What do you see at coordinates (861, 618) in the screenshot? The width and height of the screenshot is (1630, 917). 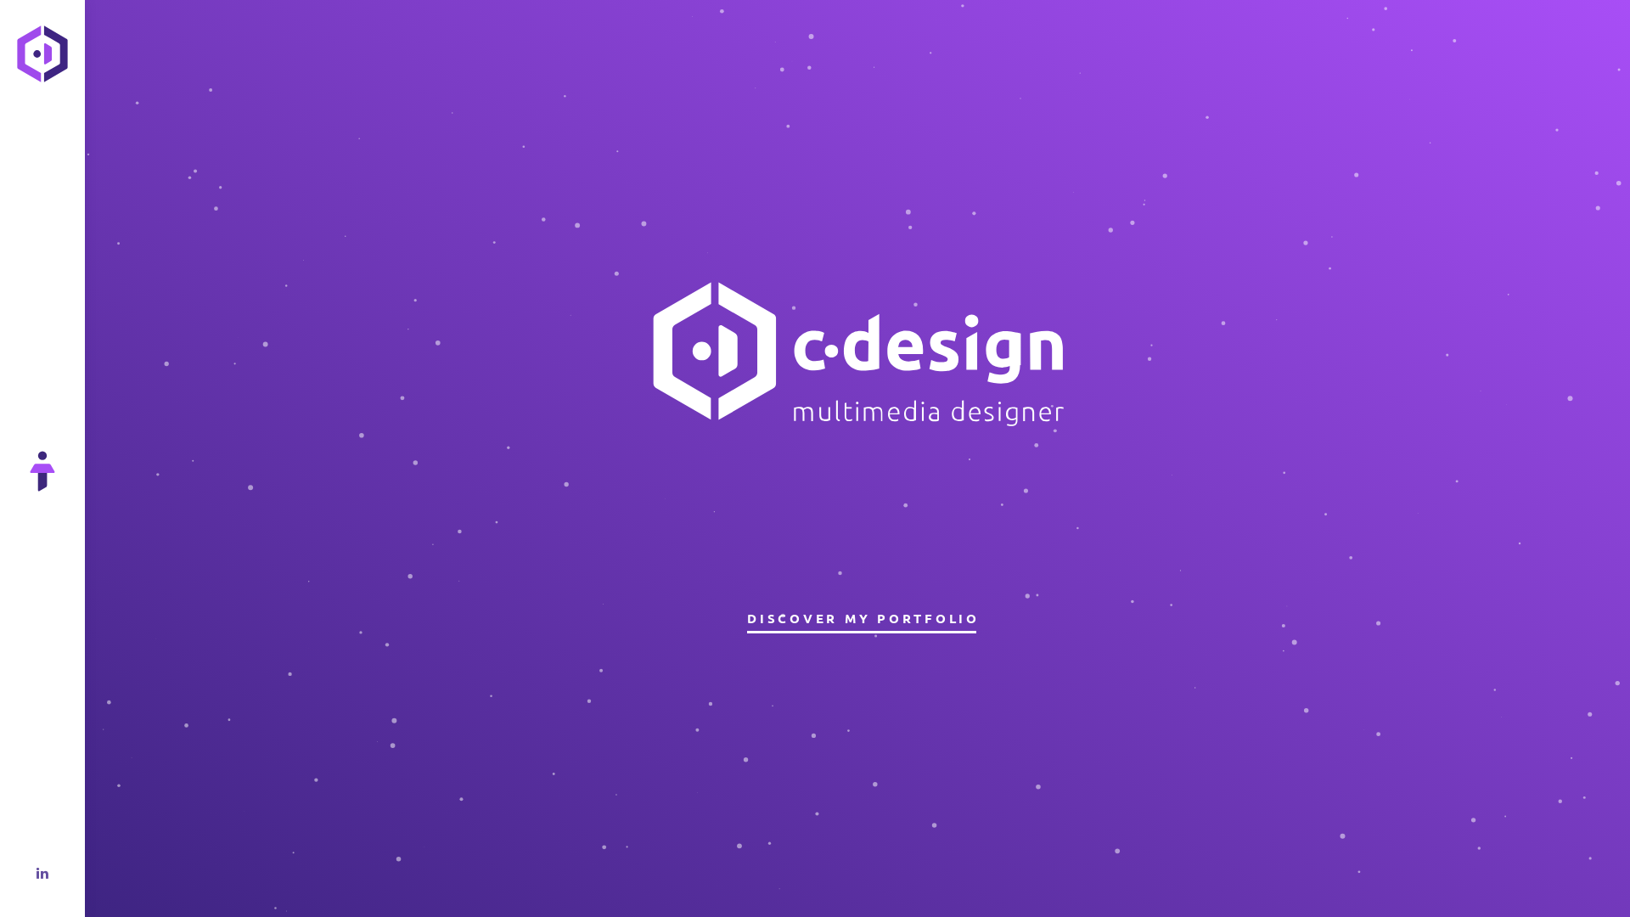 I see `'DISCOVER MY PORTFOLIO'` at bounding box center [861, 618].